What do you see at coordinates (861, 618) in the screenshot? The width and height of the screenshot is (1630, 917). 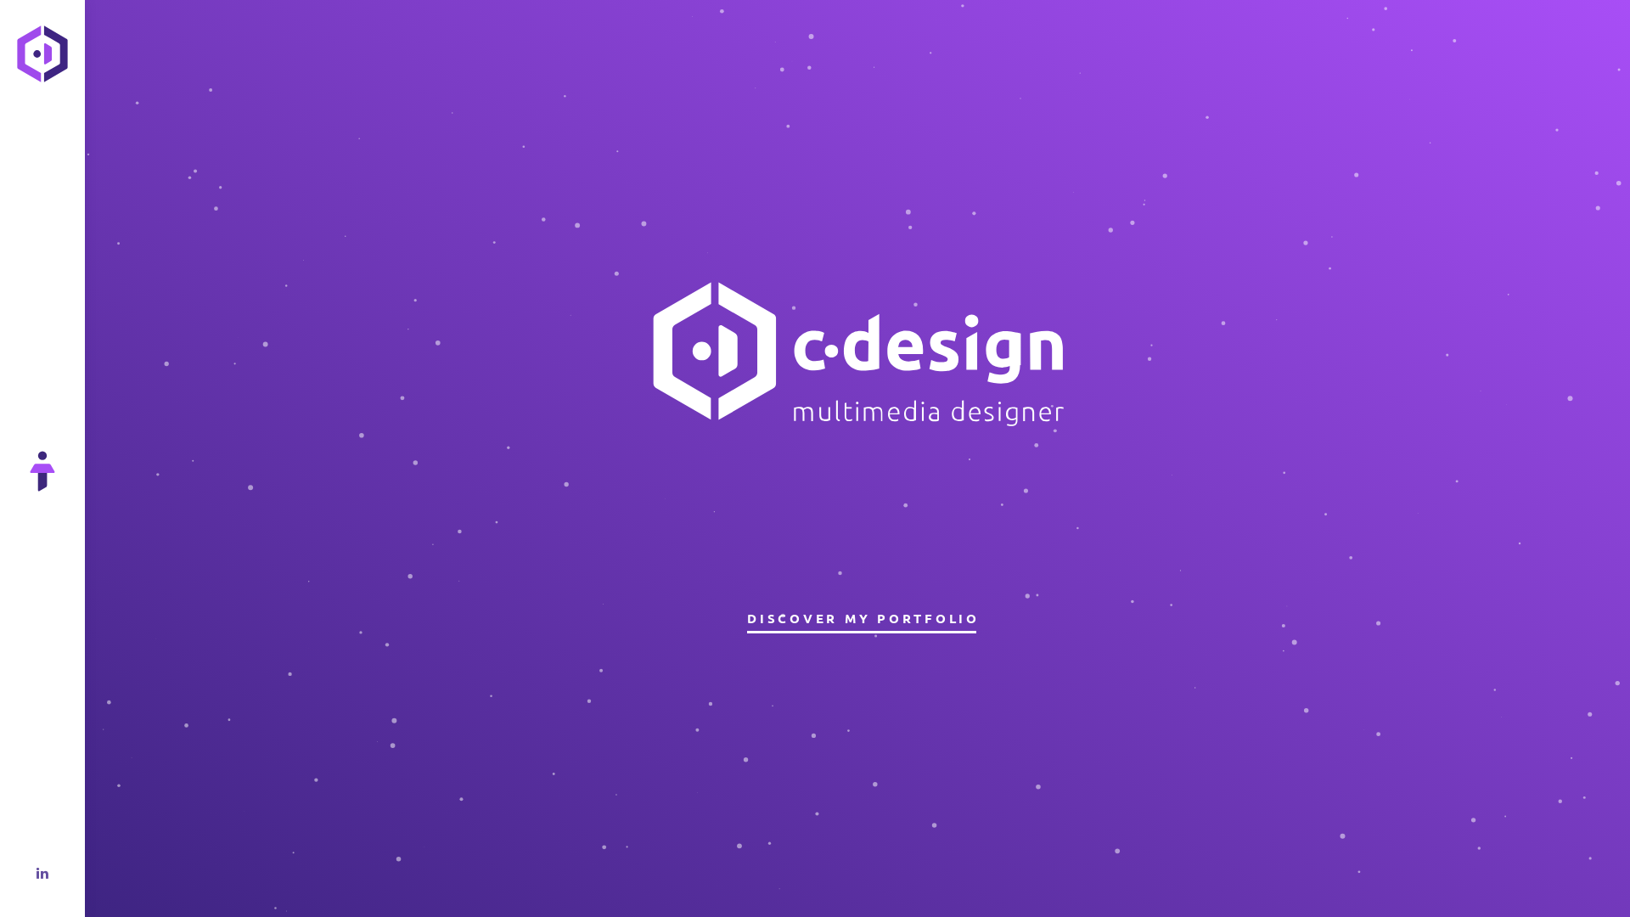 I see `'DISCOVER MY PORTFOLIO'` at bounding box center [861, 618].